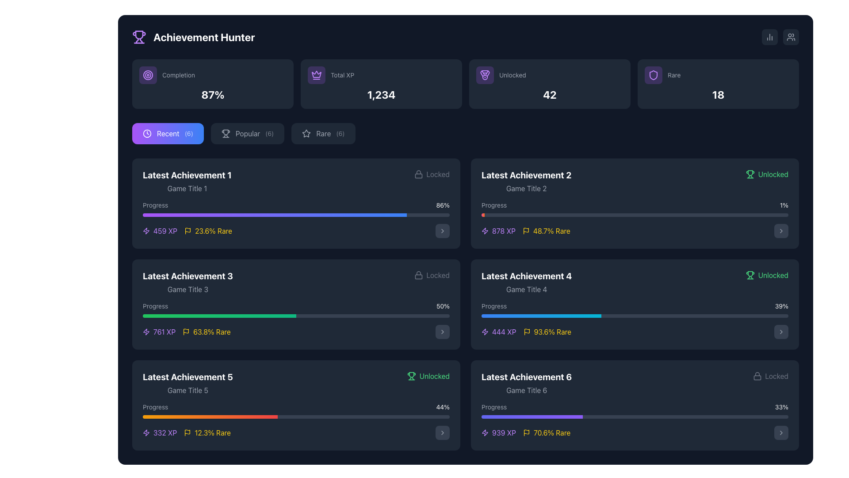 The image size is (849, 478). I want to click on the lightning bolt icon representing energy or power, located near the bottom-right corner of the interface, underneath the 'Unlocked' status marker of 'Latest Achievement 4', so click(485, 332).